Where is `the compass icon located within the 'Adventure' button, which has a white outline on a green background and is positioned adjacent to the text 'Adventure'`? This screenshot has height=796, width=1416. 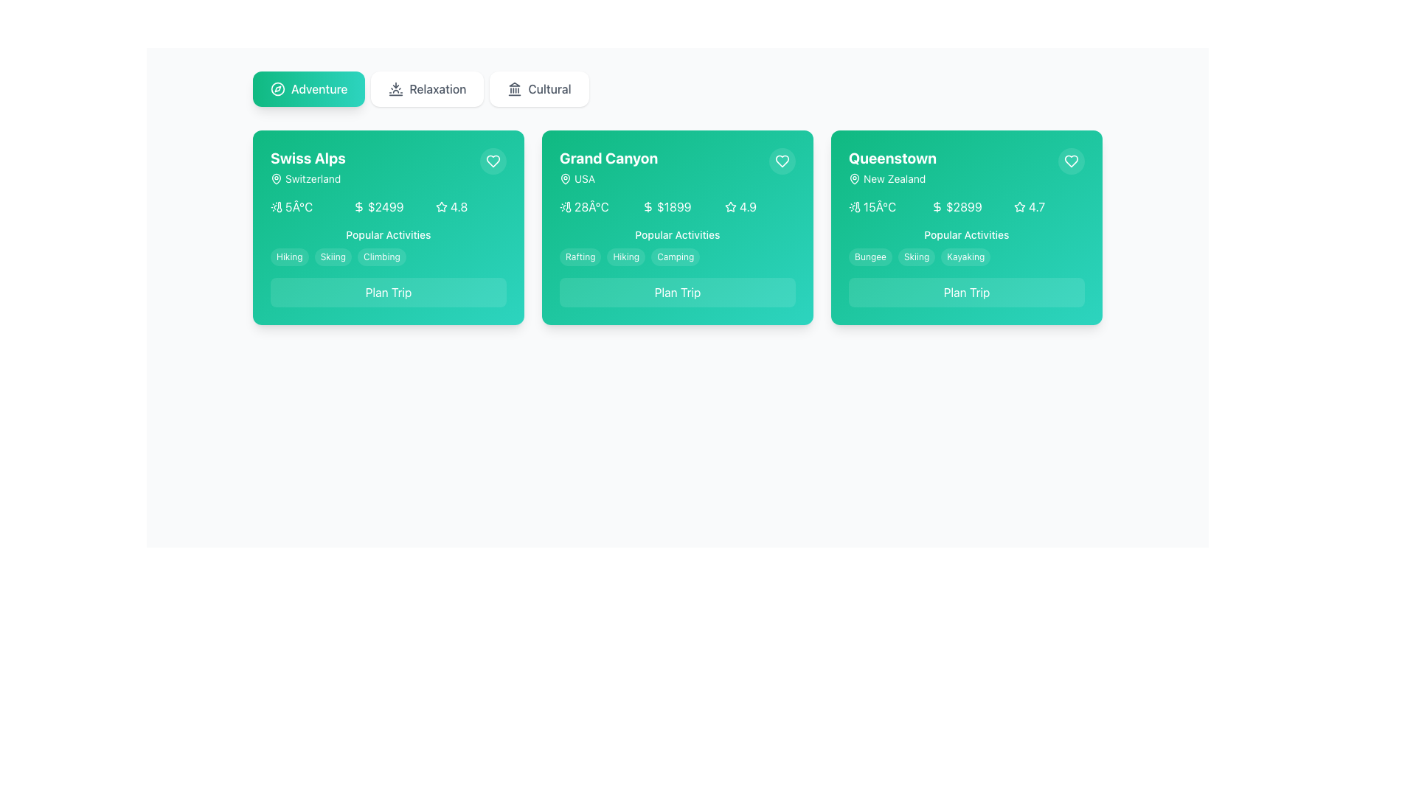
the compass icon located within the 'Adventure' button, which has a white outline on a green background and is positioned adjacent to the text 'Adventure' is located at coordinates (278, 88).